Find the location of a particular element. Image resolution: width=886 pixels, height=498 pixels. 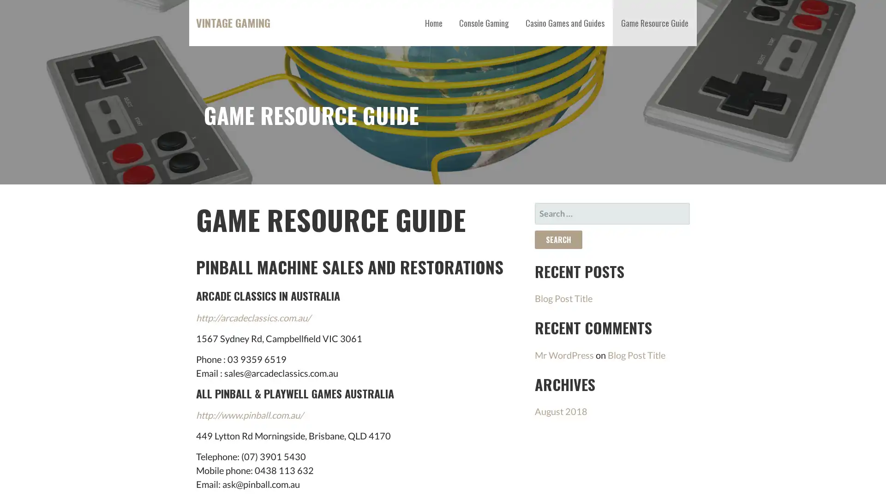

Search is located at coordinates (557, 239).